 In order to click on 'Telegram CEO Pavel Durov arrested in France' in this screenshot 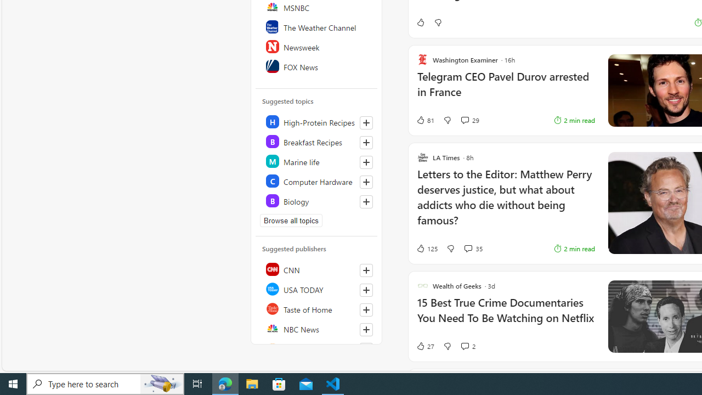, I will do `click(505, 89)`.